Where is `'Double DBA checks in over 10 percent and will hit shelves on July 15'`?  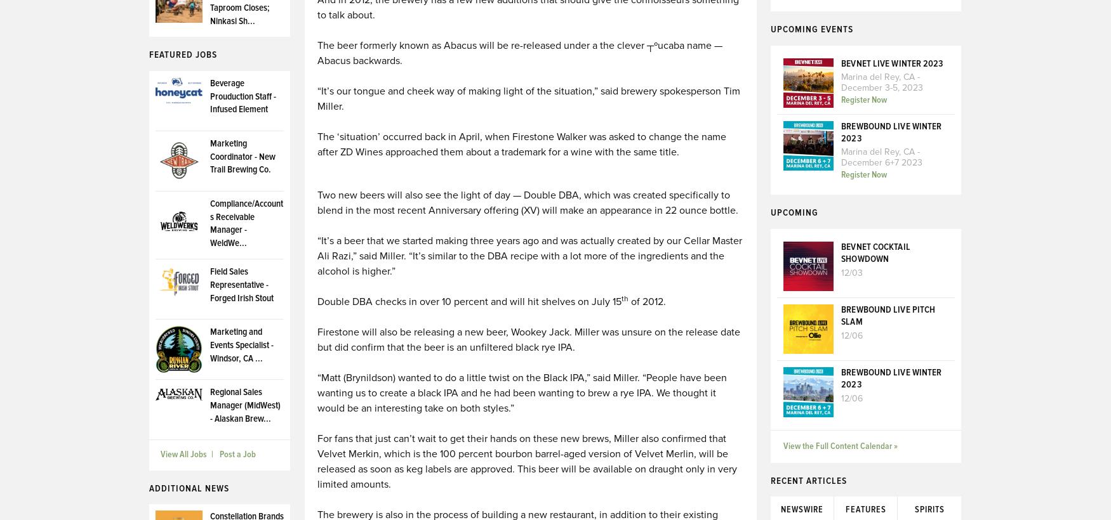 'Double DBA checks in over 10 percent and will hit shelves on July 15' is located at coordinates (316, 302).